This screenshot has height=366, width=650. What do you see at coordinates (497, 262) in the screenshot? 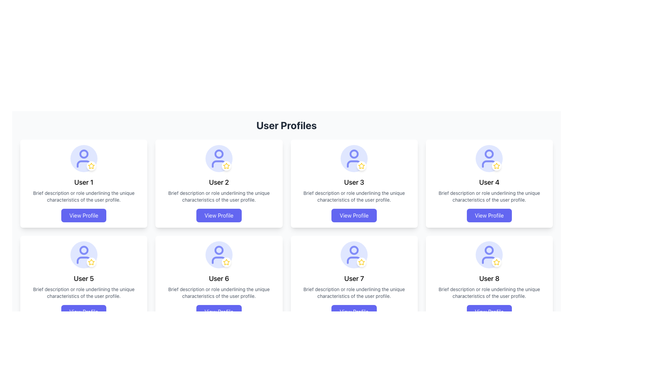
I see `the profile highlight icon located in the bottom-right corner of the eighth user card, which indicates a featured status for User 8` at bounding box center [497, 262].